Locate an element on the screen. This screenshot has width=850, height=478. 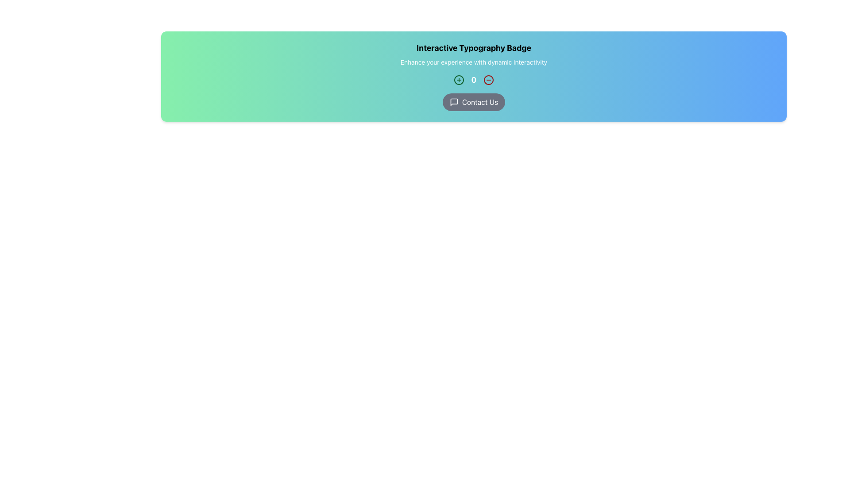
the 'Interactive Typography Badge' text label, which is styled in bold and prominently positioned at the top-center of a gradient background transitioning from green to blue is located at coordinates (473, 48).